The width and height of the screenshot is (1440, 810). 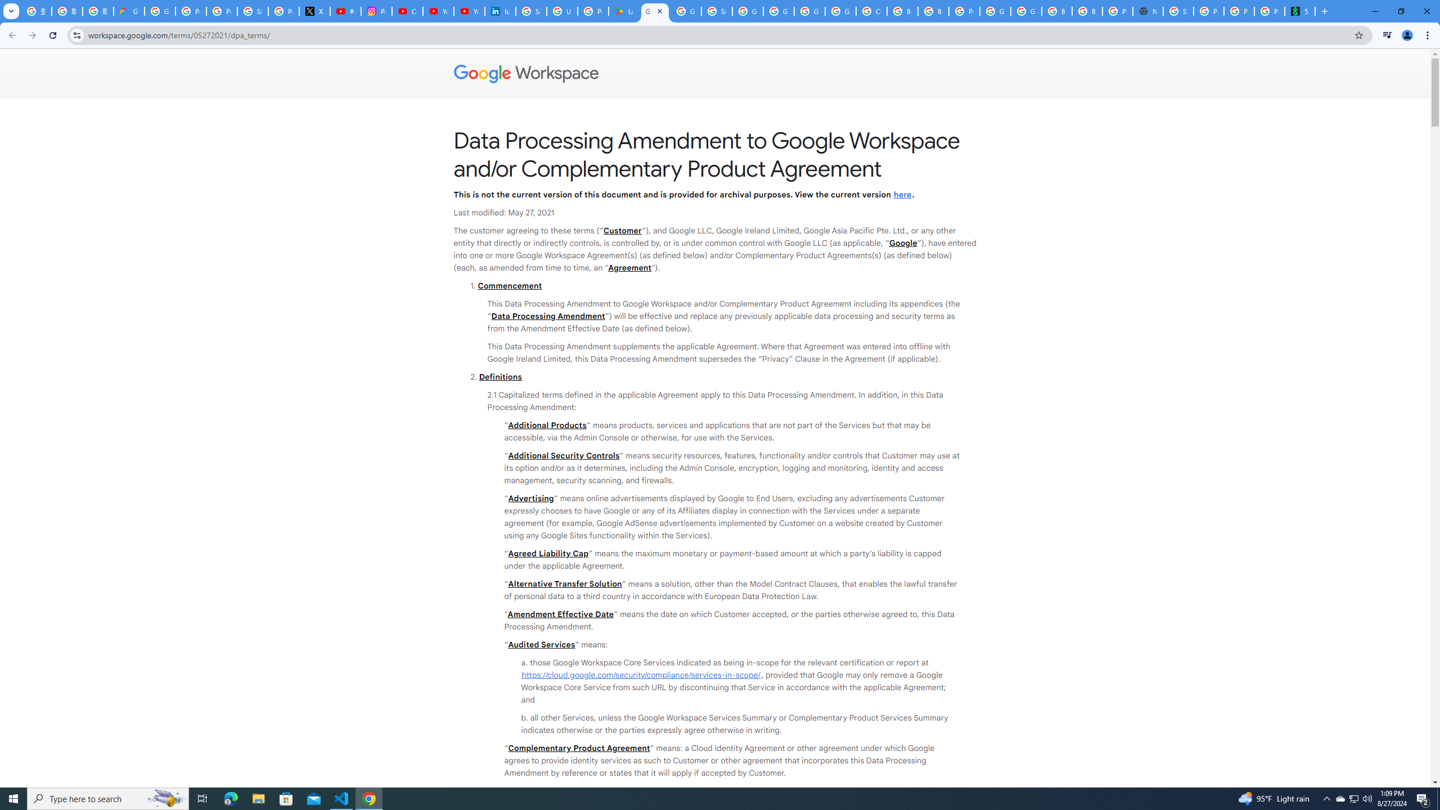 What do you see at coordinates (469, 11) in the screenshot?
I see `'YouTube Culture & Trends - YouTube Top 10, 2021'` at bounding box center [469, 11].